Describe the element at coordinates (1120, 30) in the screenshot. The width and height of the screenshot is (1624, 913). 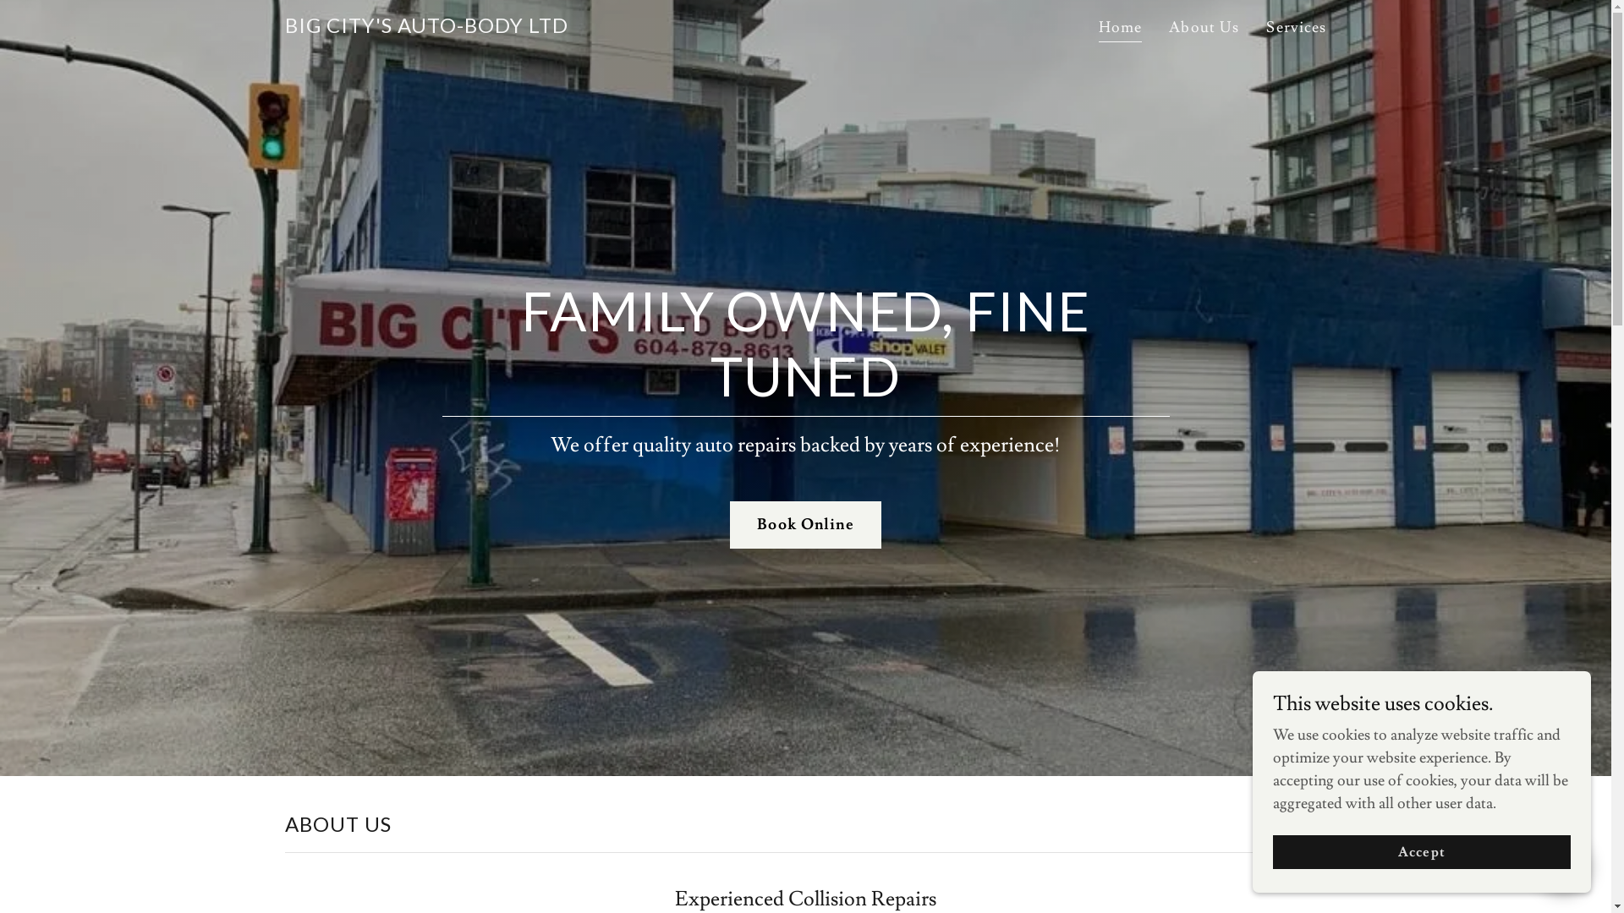
I see `'Home'` at that location.